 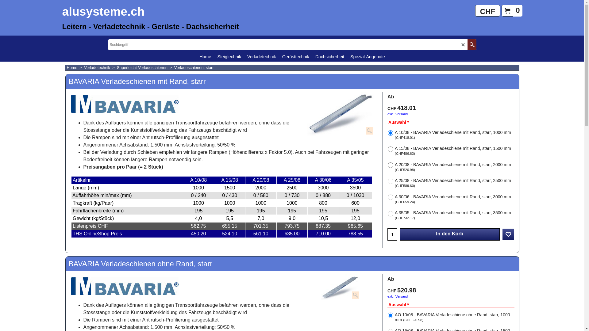 I want to click on '1', so click(x=387, y=234).